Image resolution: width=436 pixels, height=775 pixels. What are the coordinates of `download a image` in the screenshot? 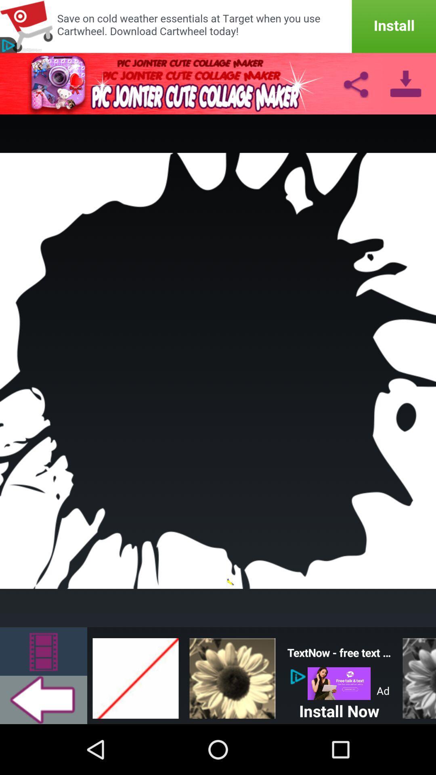 It's located at (406, 83).